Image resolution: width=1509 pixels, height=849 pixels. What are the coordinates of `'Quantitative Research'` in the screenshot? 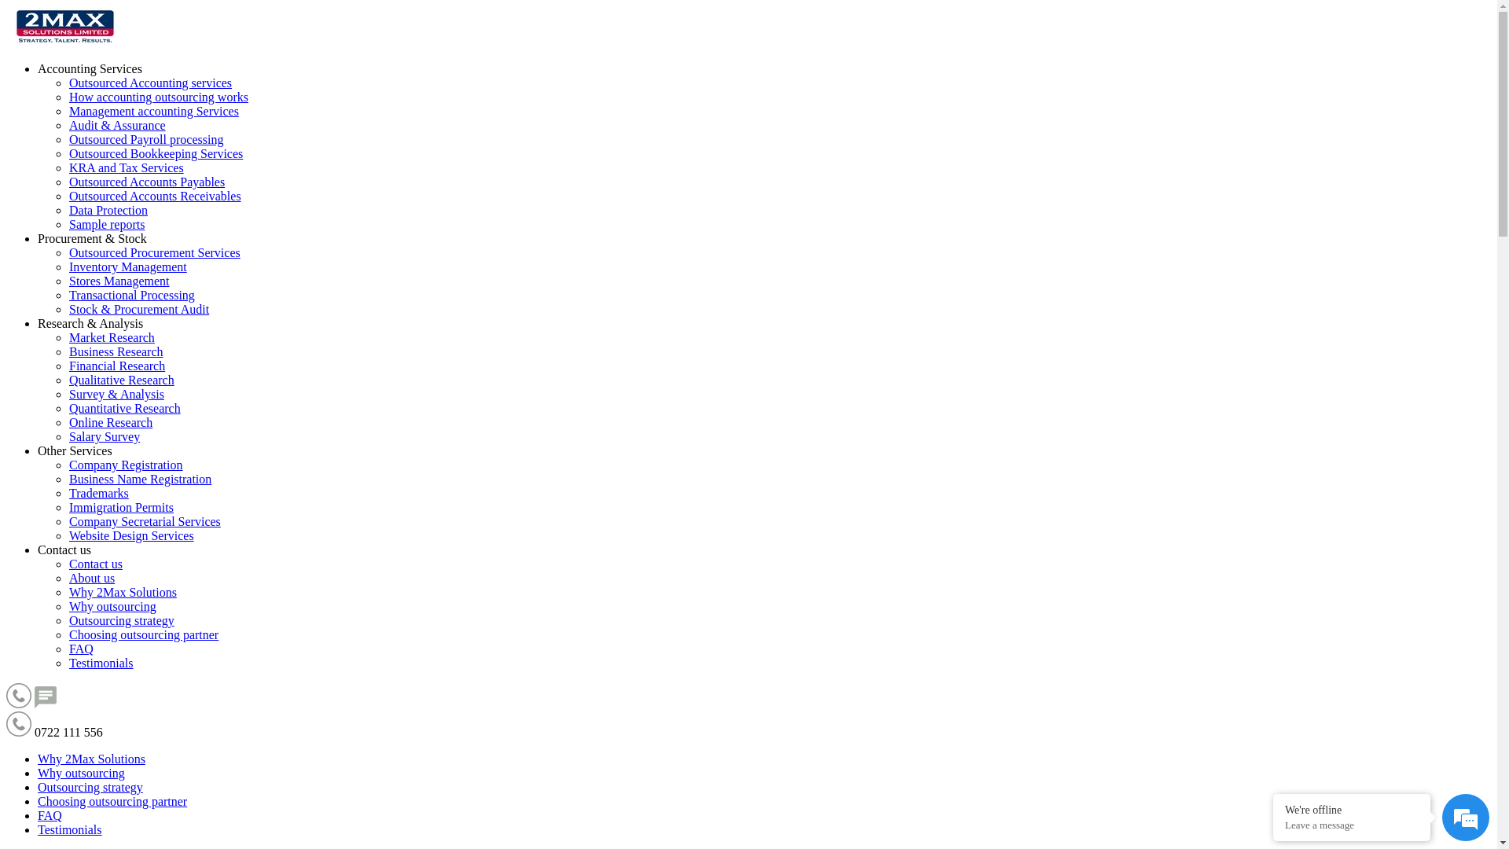 It's located at (123, 407).